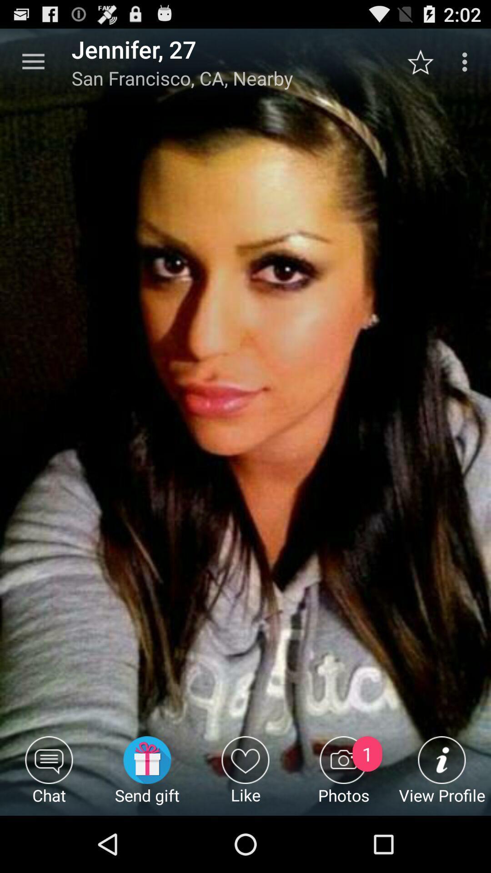  What do you see at coordinates (49, 775) in the screenshot?
I see `icon to the left of send gift item` at bounding box center [49, 775].